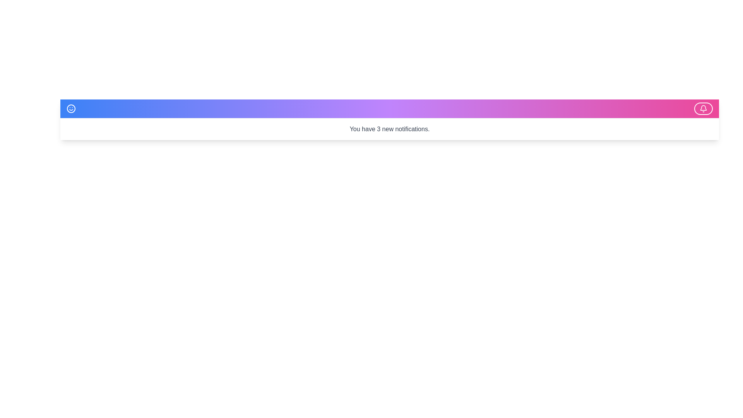 The height and width of the screenshot is (418, 743). What do you see at coordinates (704, 109) in the screenshot?
I see `the notification center button located at the far right of the horizontal navigation bar` at bounding box center [704, 109].